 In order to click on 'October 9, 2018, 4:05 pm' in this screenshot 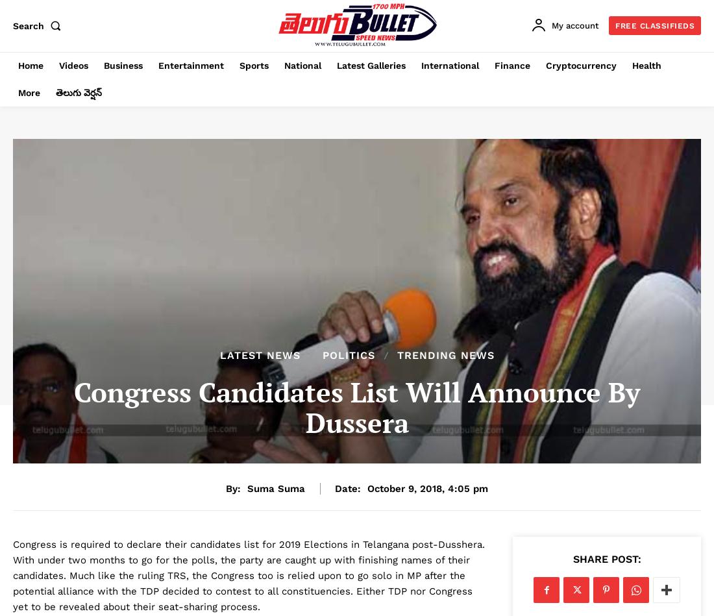, I will do `click(366, 489)`.